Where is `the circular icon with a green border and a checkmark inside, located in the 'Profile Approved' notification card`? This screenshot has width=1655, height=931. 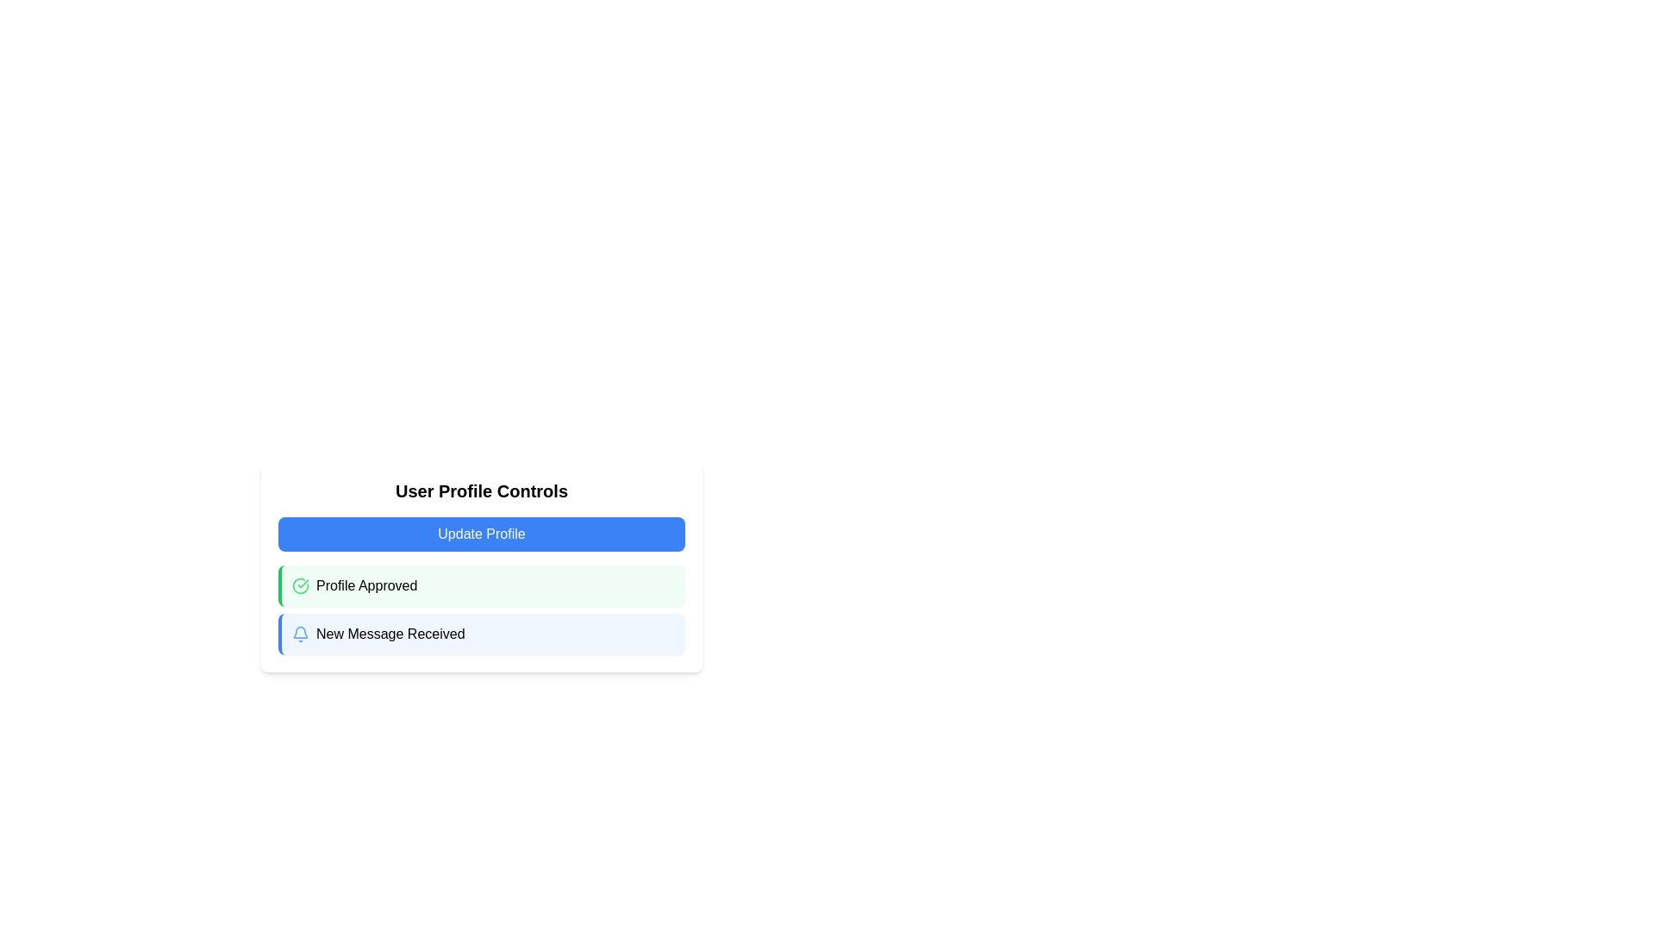
the circular icon with a green border and a checkmark inside, located in the 'Profile Approved' notification card is located at coordinates (301, 584).